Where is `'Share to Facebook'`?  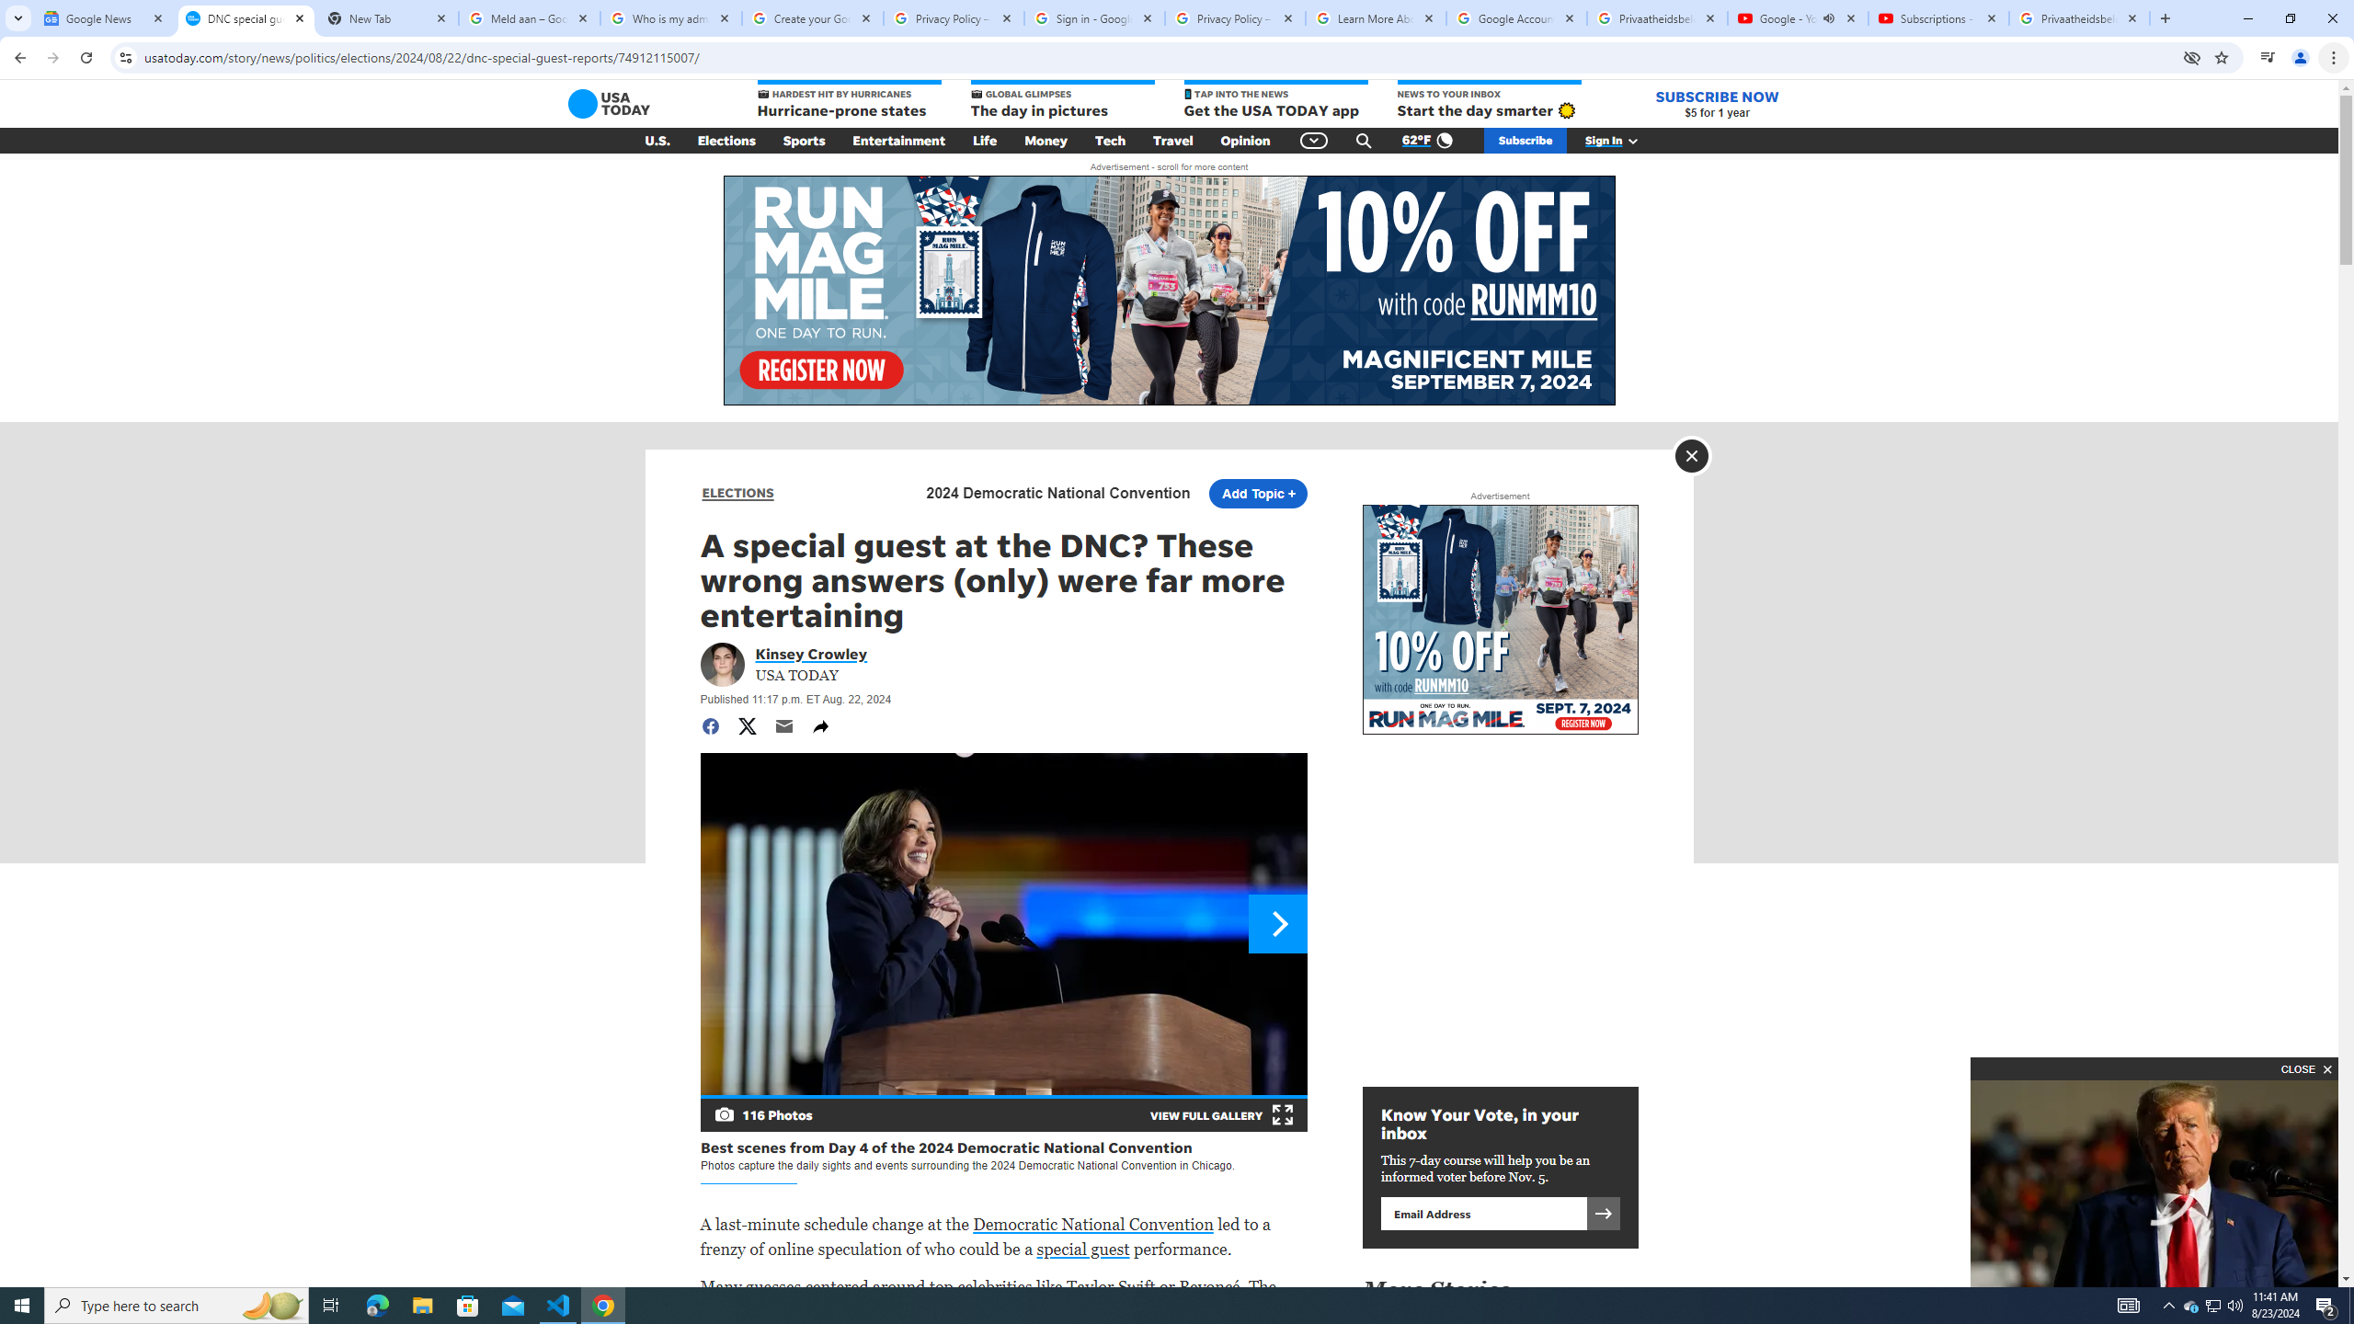
'Share to Facebook' is located at coordinates (708, 725).